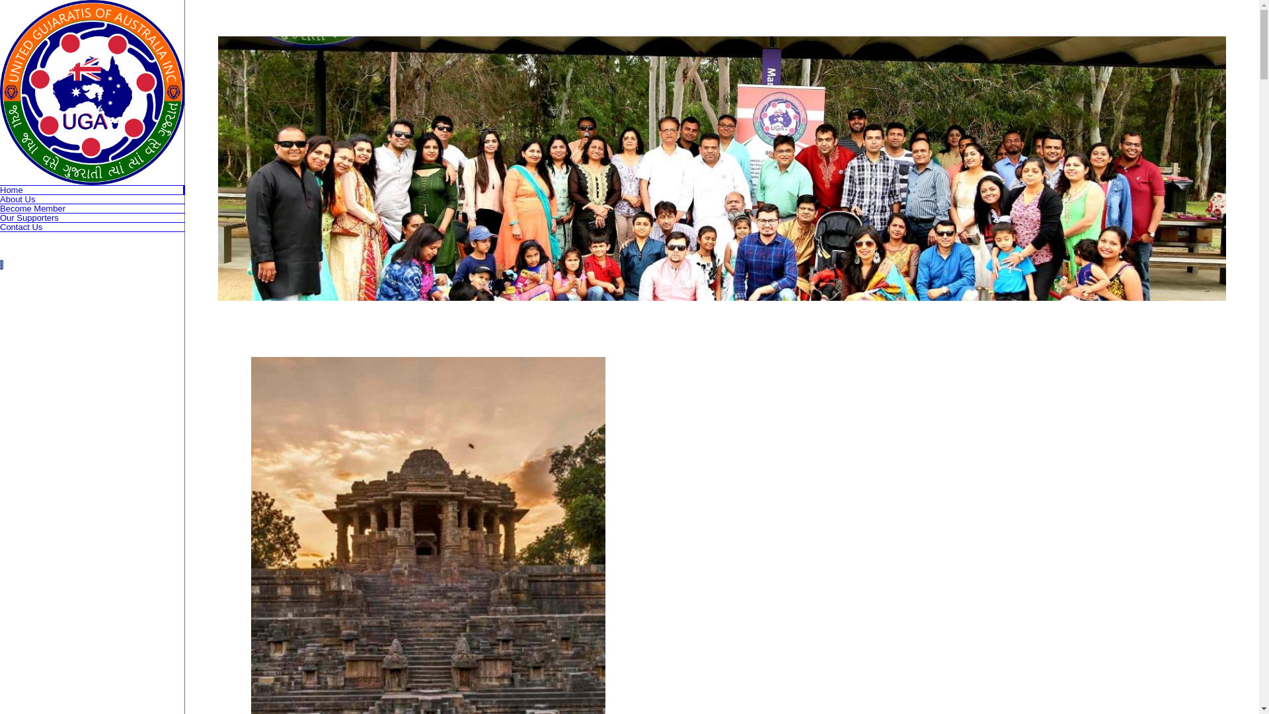  What do you see at coordinates (91, 199) in the screenshot?
I see `'About Us'` at bounding box center [91, 199].